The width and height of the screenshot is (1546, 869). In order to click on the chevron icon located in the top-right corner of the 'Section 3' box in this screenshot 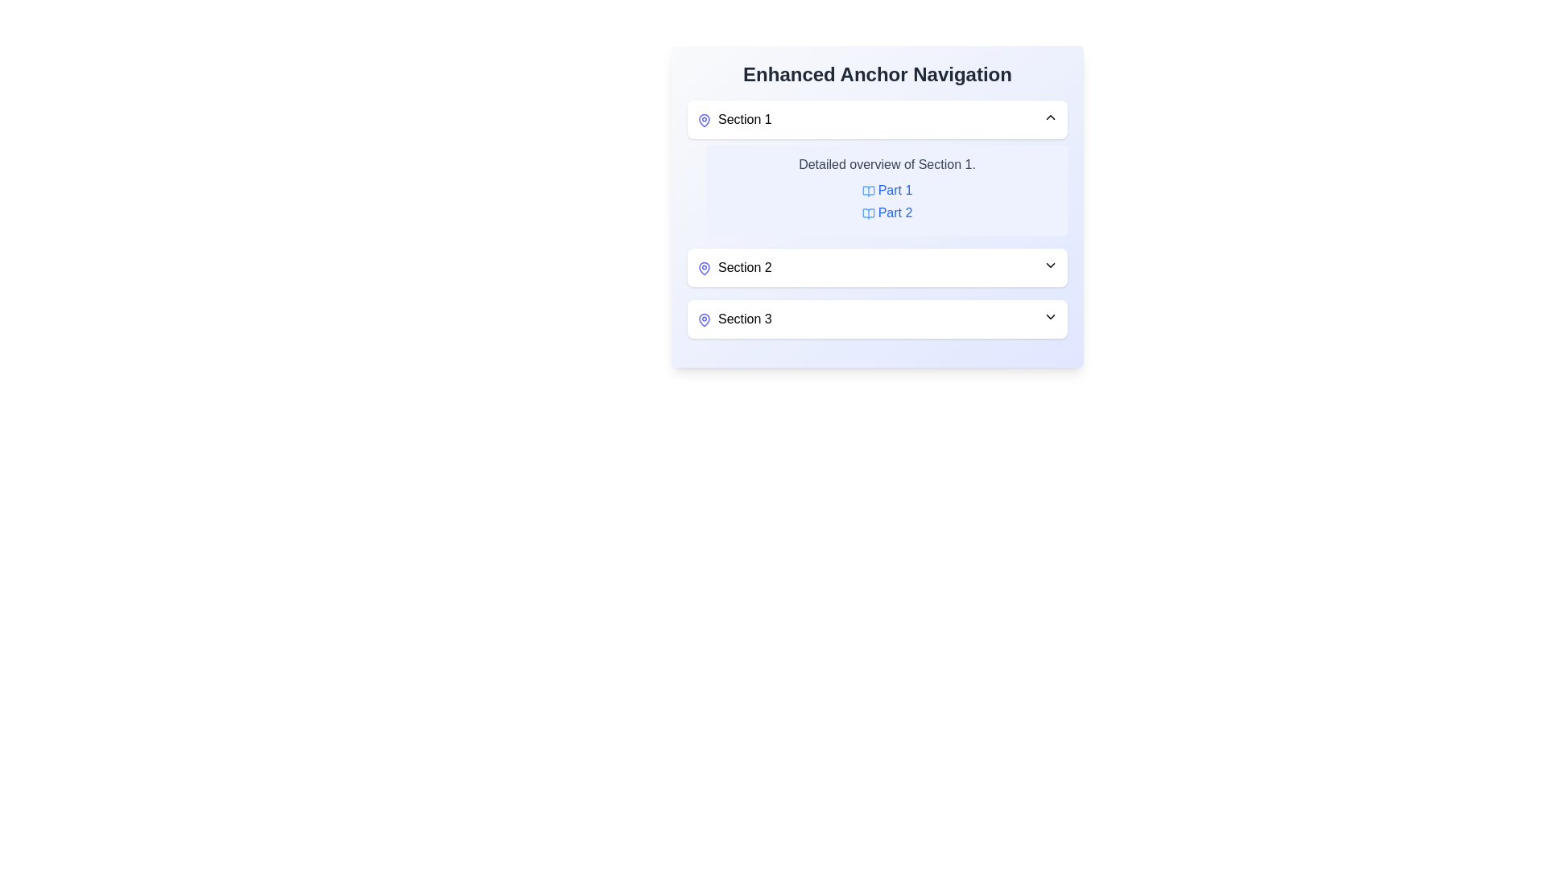, I will do `click(1051, 316)`.